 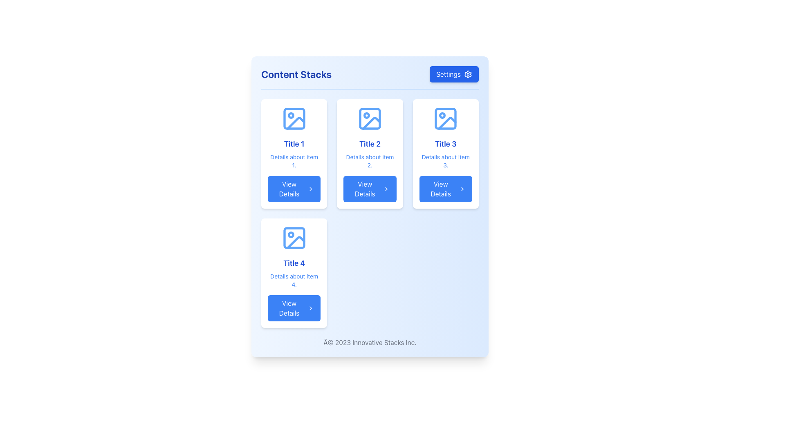 What do you see at coordinates (294, 238) in the screenshot?
I see `the icon representing the 'Title 4' card, which is located at the top of the card and indicates a feature or category related to images` at bounding box center [294, 238].